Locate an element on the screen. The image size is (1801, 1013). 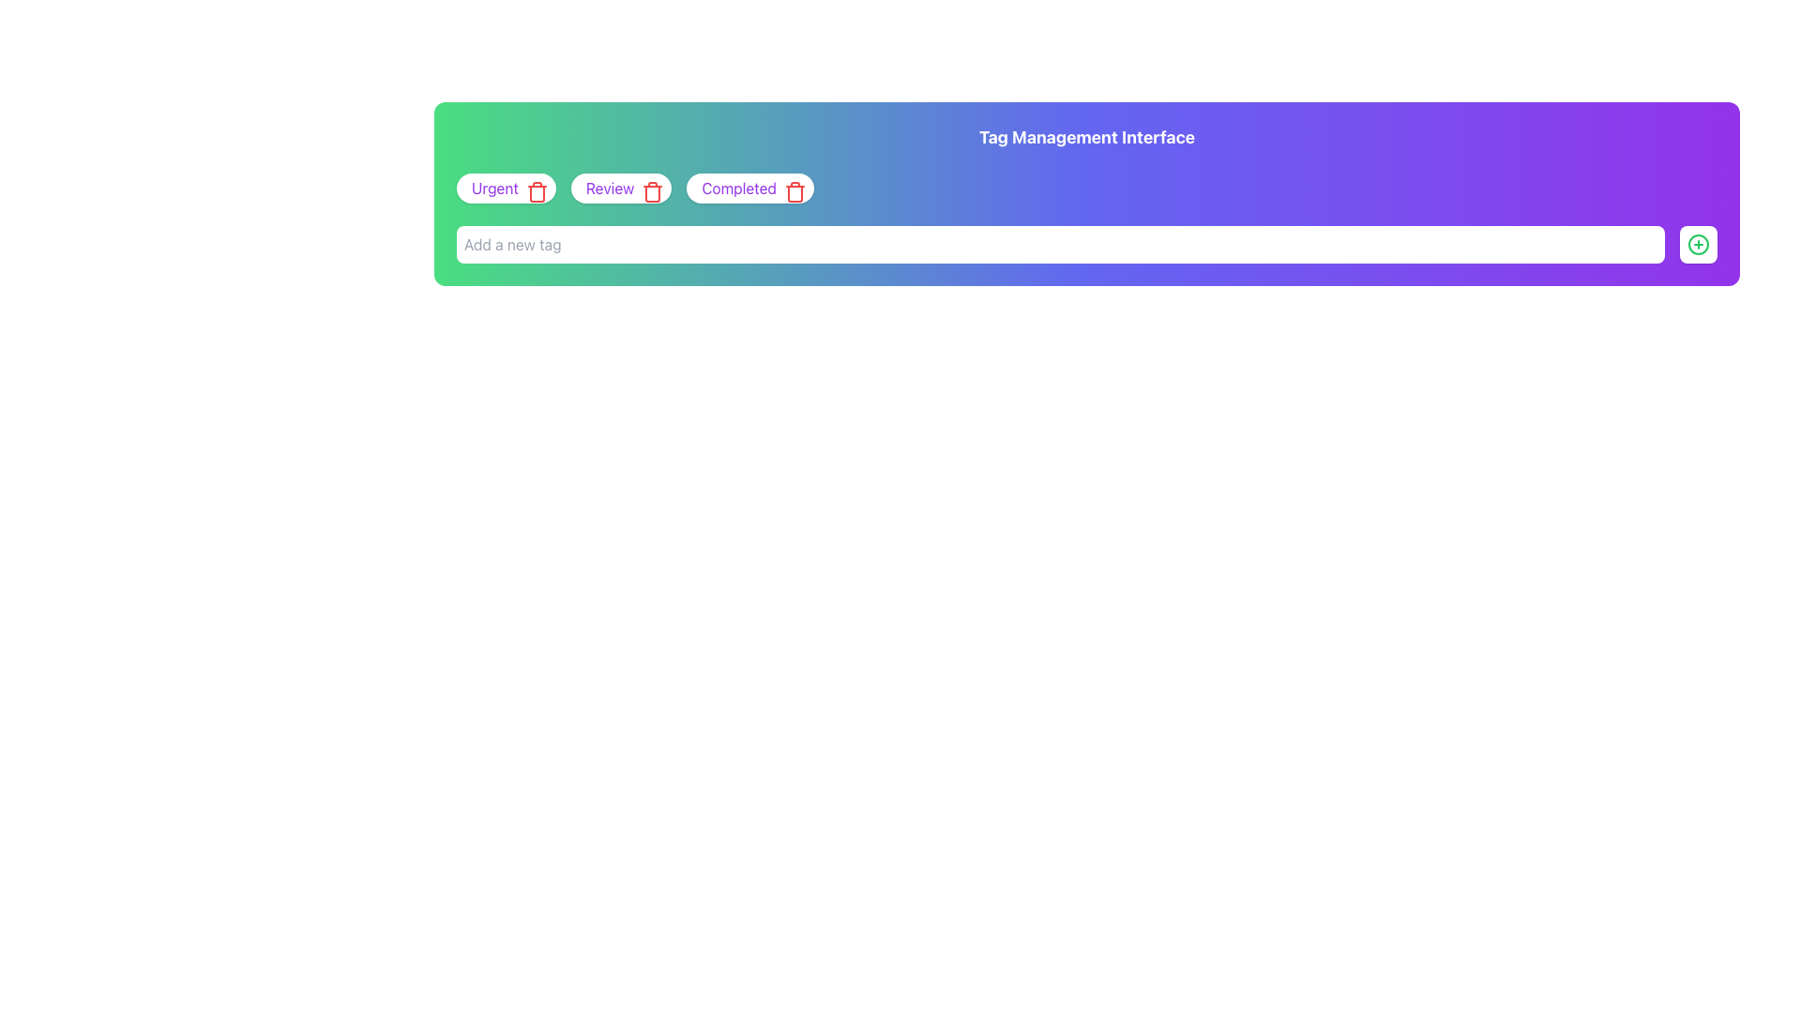
the green circular button with a white border and a '+' sign inside, located in the top-right corner of the purple gradient bar is located at coordinates (1698, 244).